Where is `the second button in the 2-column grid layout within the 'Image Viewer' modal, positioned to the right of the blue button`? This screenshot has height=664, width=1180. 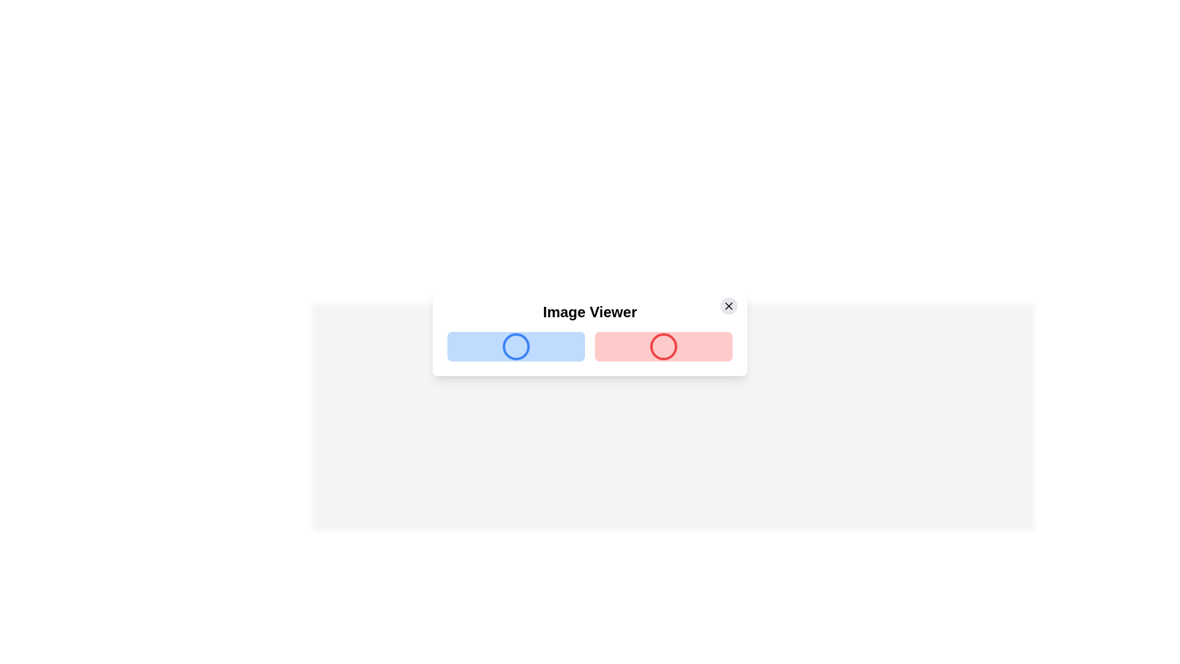 the second button in the 2-column grid layout within the 'Image Viewer' modal, positioned to the right of the blue button is located at coordinates (663, 346).